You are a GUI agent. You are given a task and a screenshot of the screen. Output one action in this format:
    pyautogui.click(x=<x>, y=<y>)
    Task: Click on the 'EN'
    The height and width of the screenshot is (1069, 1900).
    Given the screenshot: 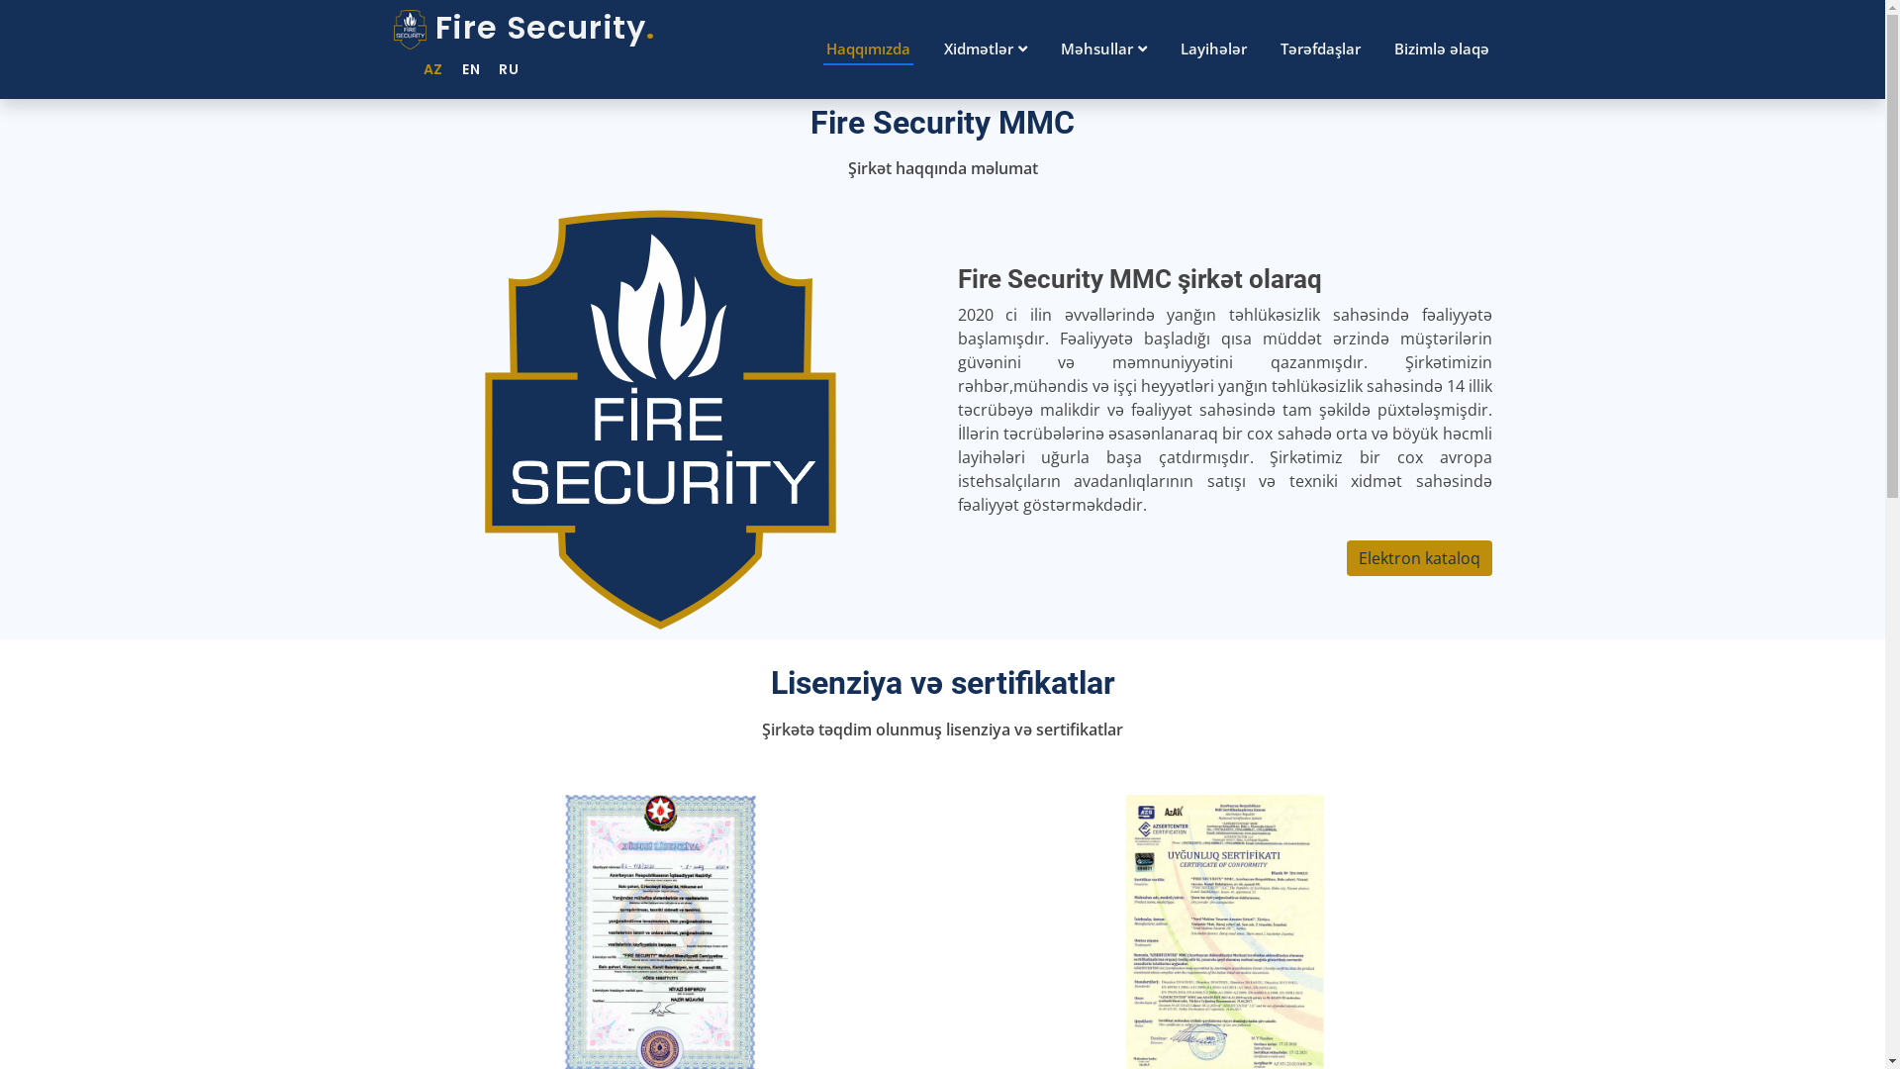 What is the action you would take?
    pyautogui.click(x=463, y=68)
    